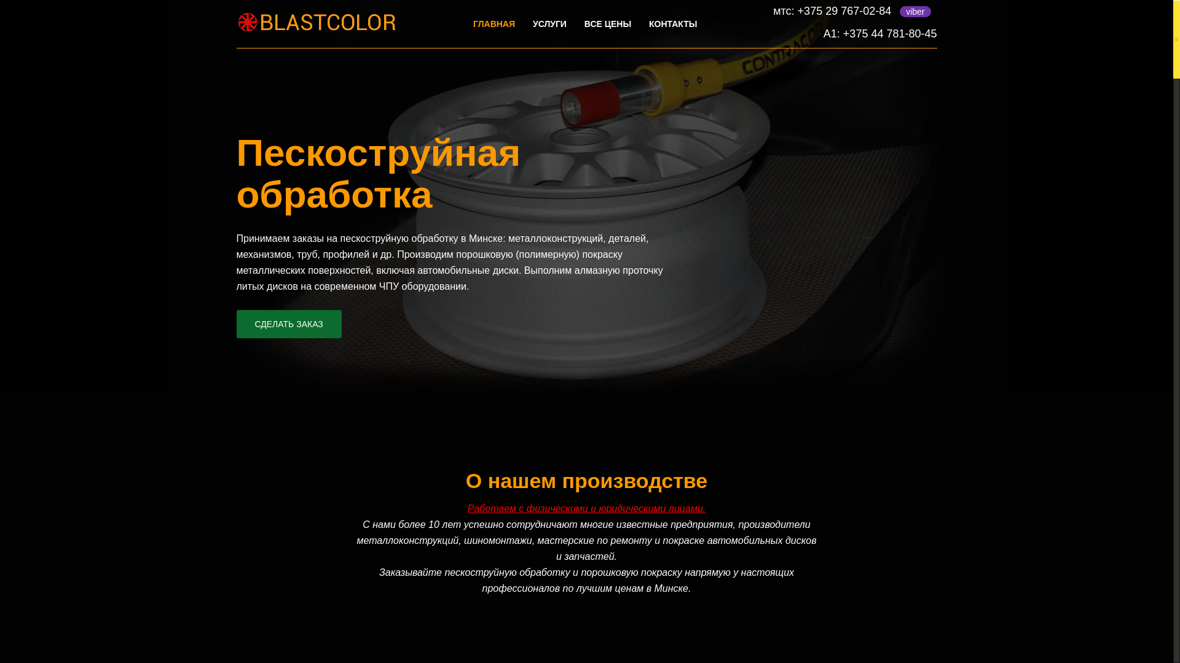  What do you see at coordinates (914, 12) in the screenshot?
I see `'viber'` at bounding box center [914, 12].